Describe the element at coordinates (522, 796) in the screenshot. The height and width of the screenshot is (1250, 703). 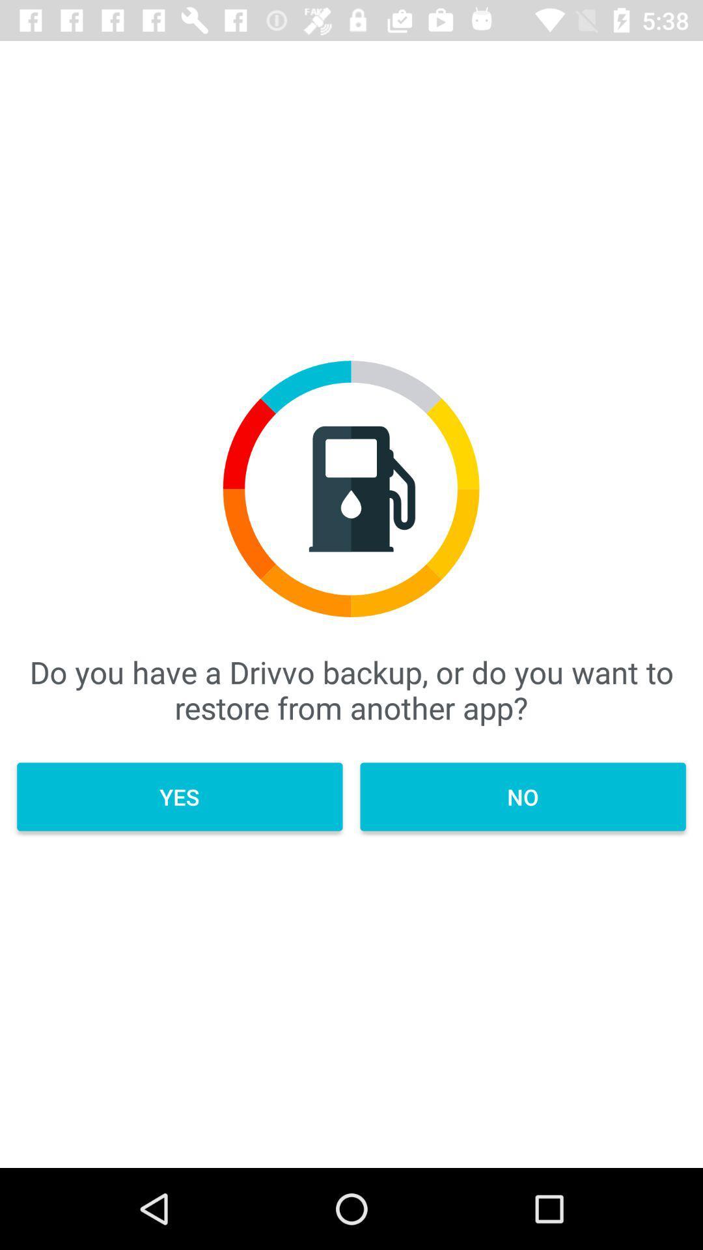
I see `no` at that location.